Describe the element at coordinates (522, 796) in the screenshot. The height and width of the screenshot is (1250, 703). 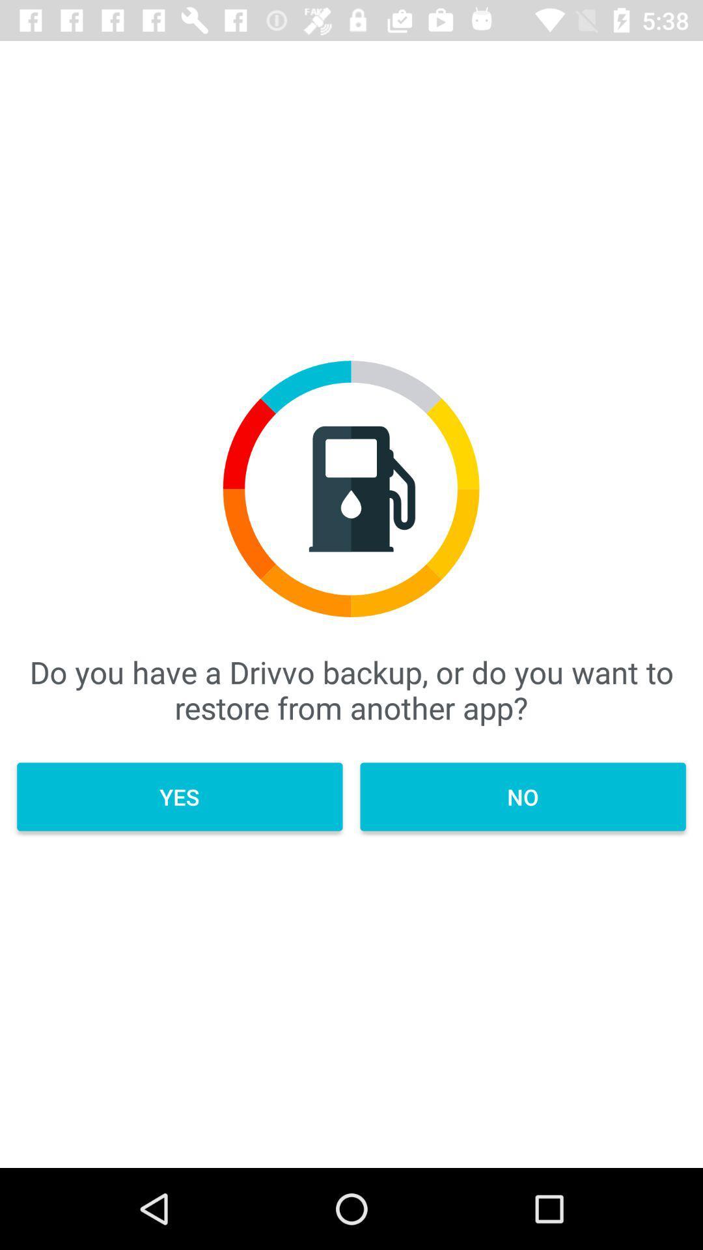
I see `no` at that location.